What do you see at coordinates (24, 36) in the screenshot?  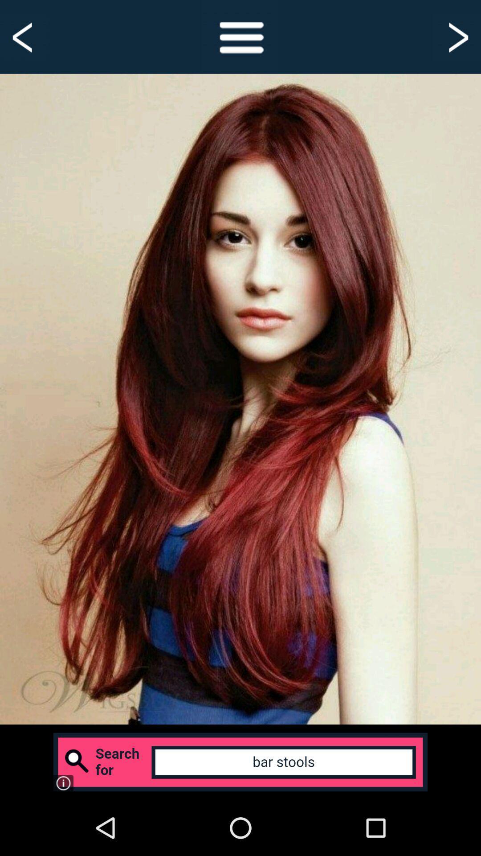 I see `previous screen` at bounding box center [24, 36].